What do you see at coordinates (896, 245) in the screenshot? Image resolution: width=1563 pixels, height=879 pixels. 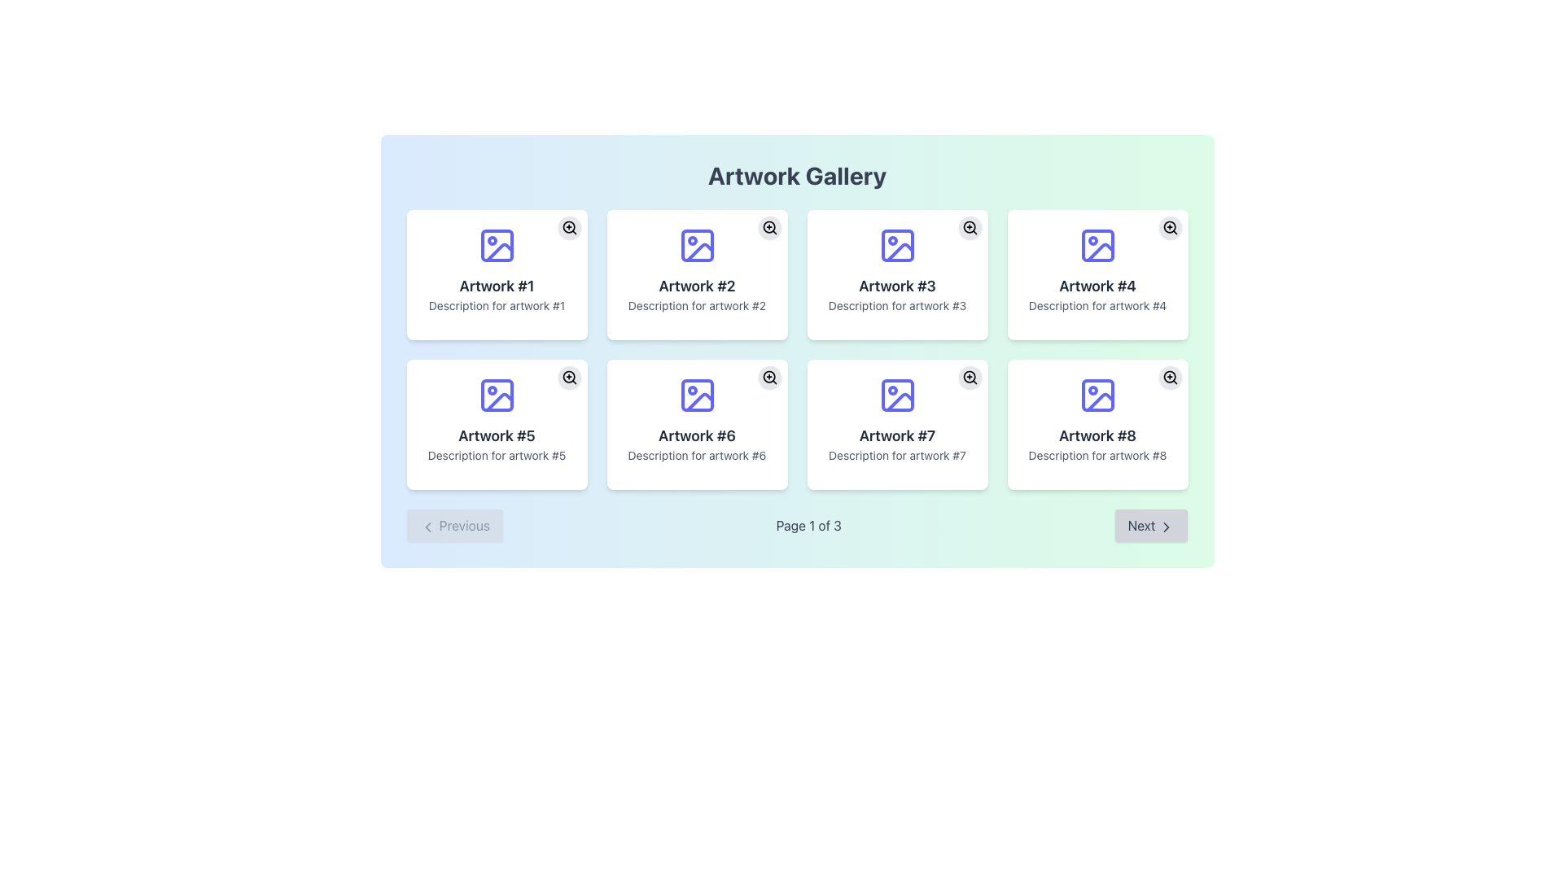 I see `the decorative SVG graphical shape that represents a placeholder for images, located in the third tile from the left in the first row of the artwork gallery grid layout` at bounding box center [896, 245].